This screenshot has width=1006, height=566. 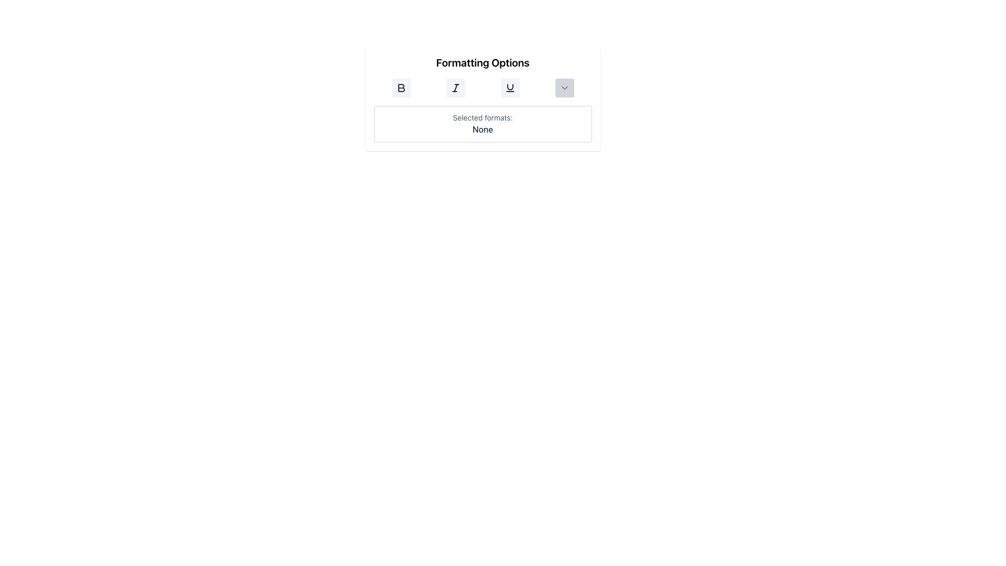 What do you see at coordinates (510, 88) in the screenshot?
I see `the underline formatting icon button, which is a circular icon with a semicircular curve on top and a horizontal line at the bottom` at bounding box center [510, 88].